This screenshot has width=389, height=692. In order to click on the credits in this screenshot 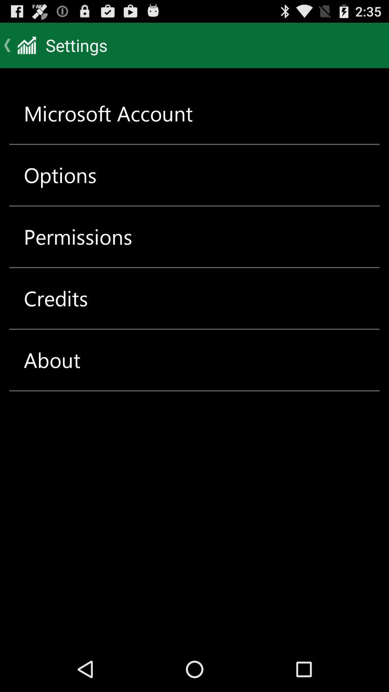, I will do `click(55, 298)`.